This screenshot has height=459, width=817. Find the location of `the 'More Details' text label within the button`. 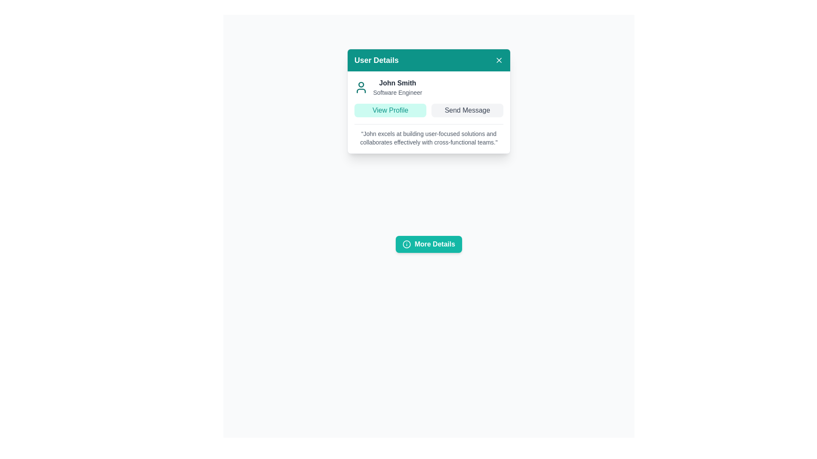

the 'More Details' text label within the button is located at coordinates (435, 244).